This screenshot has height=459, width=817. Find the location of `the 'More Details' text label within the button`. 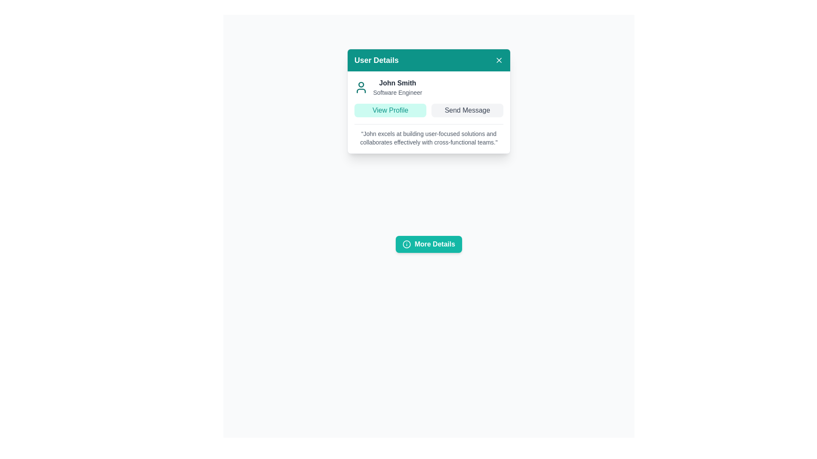

the 'More Details' text label within the button is located at coordinates (435, 244).